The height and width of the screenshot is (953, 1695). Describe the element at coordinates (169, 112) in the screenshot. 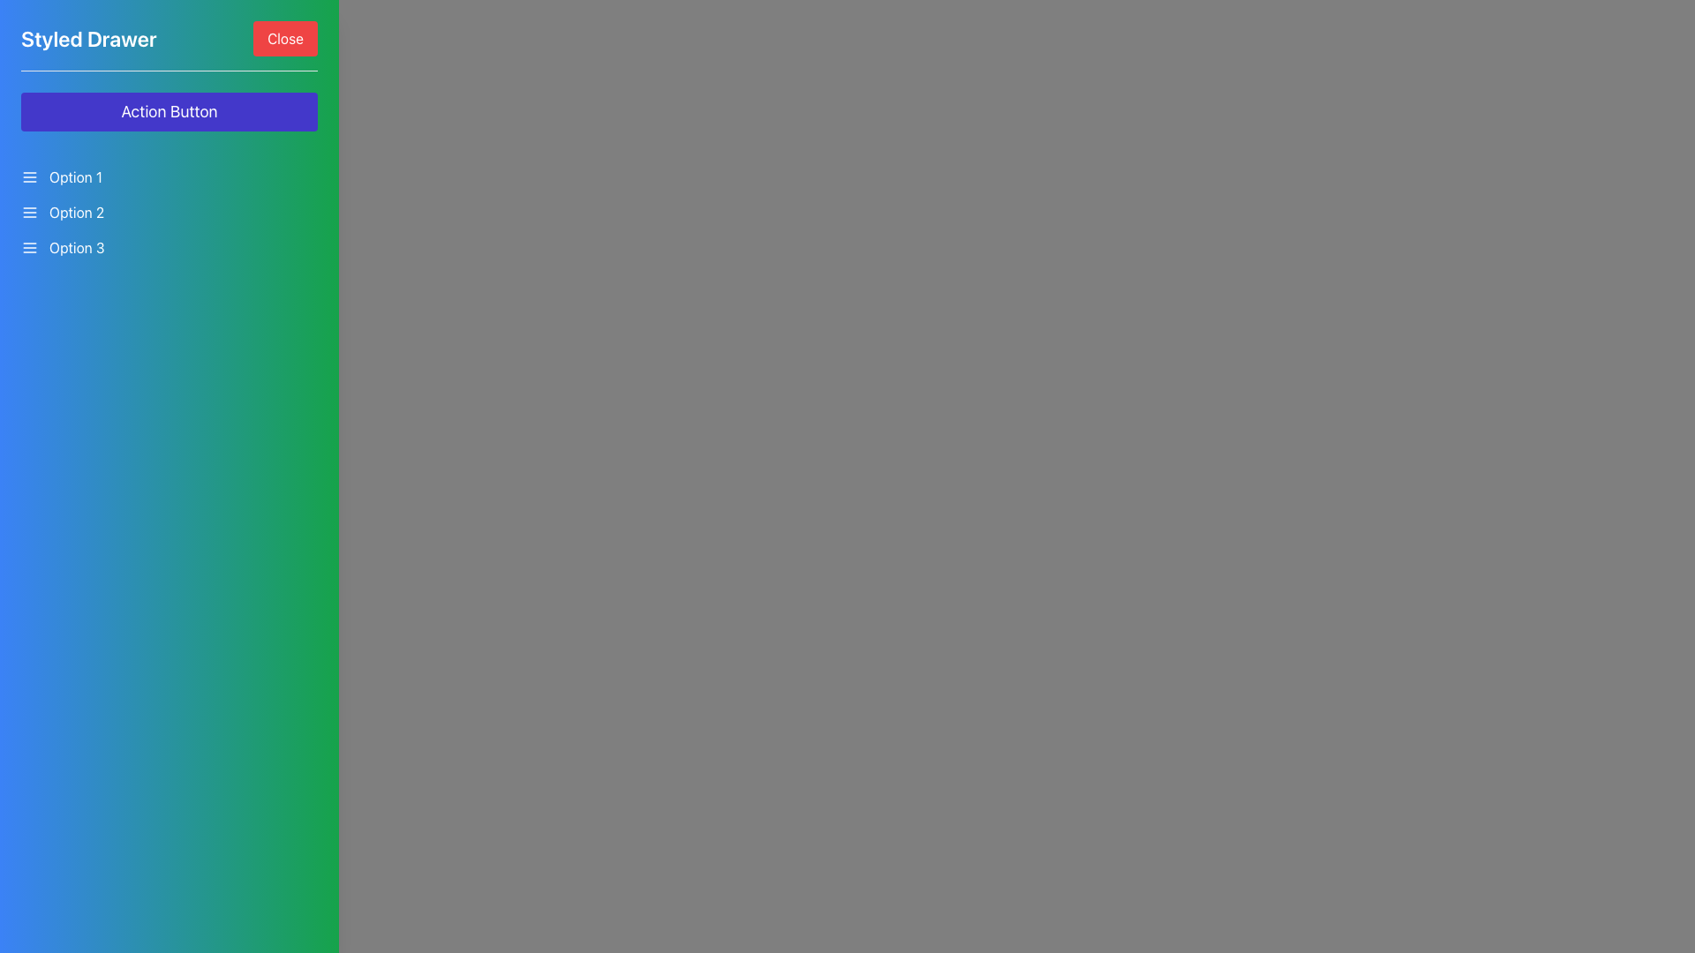

I see `the rectangular button with a purple background and white text reading 'Action Button'` at that location.